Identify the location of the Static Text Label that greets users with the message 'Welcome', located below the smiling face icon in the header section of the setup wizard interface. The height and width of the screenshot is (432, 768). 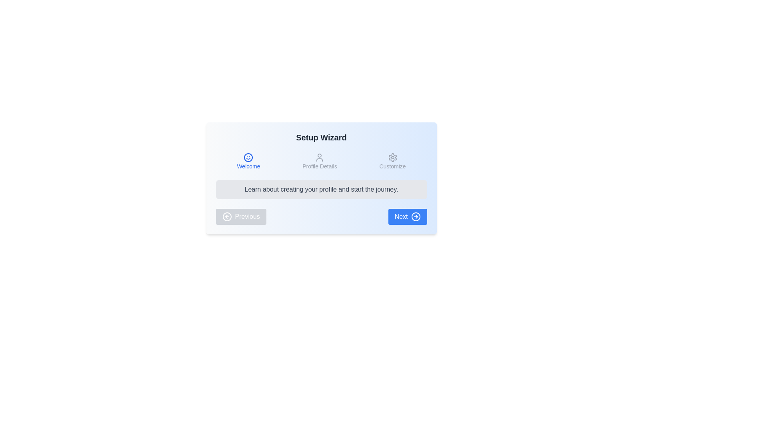
(248, 166).